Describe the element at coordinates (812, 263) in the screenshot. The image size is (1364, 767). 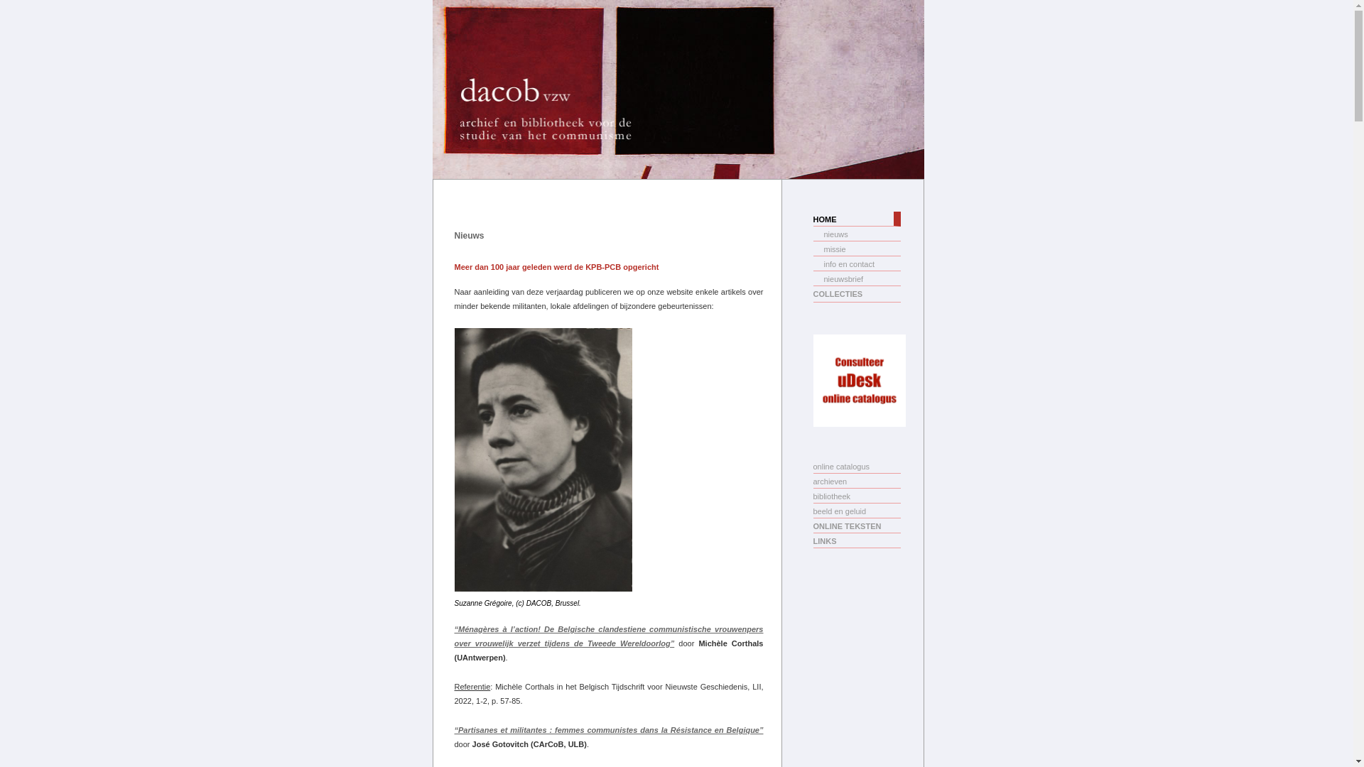
I see `'info en contact'` at that location.